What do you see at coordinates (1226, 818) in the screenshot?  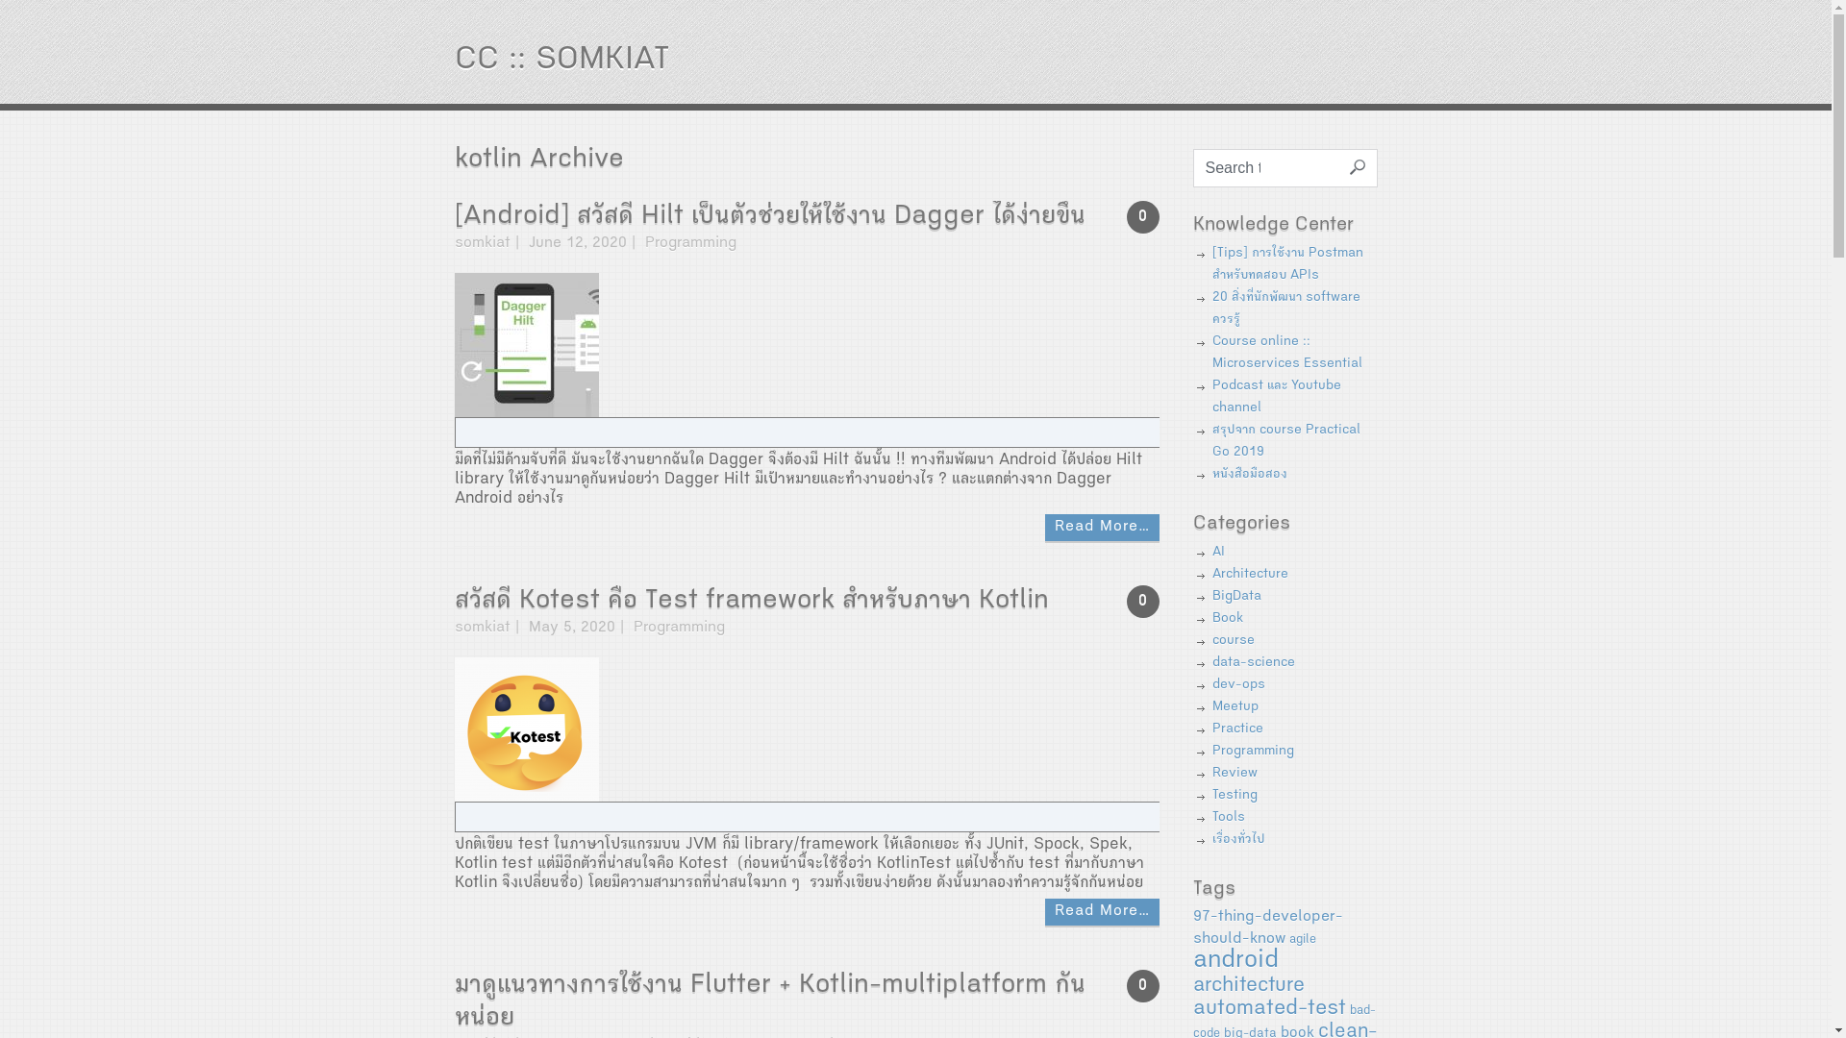 I see `'Tools'` at bounding box center [1226, 818].